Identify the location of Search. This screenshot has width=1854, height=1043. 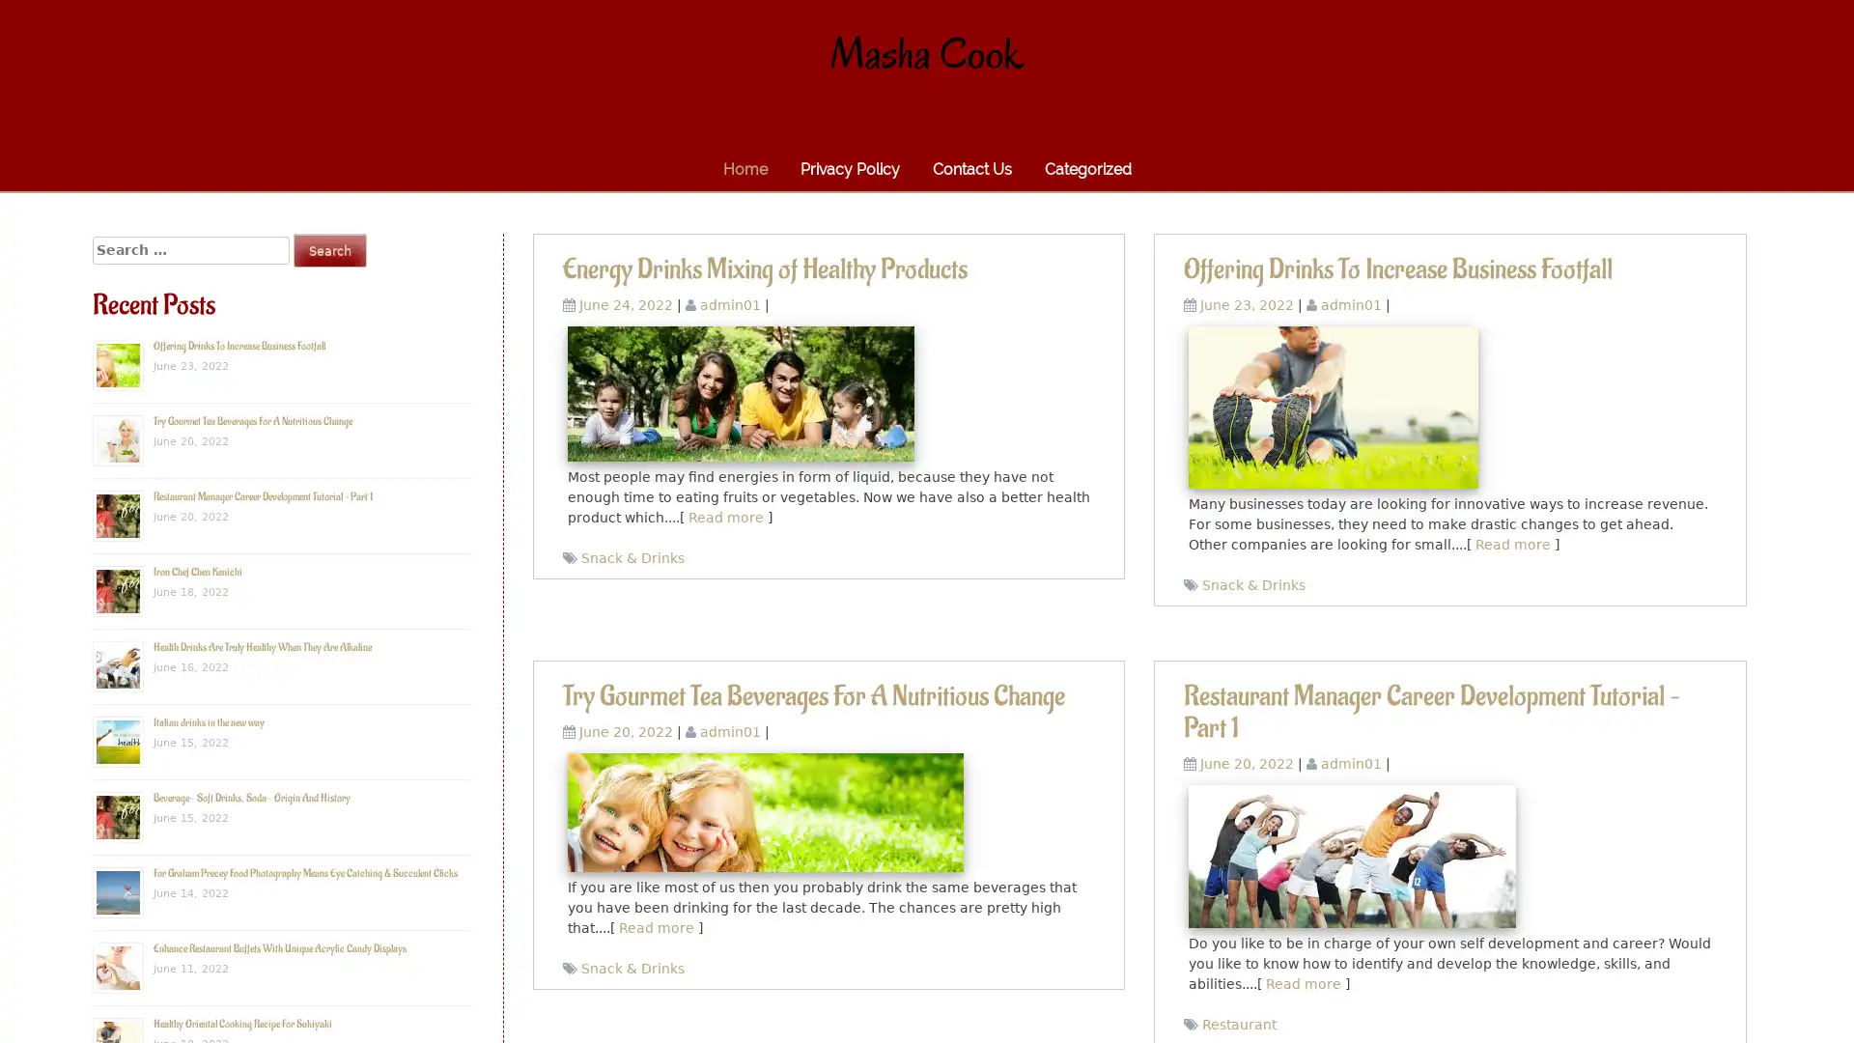
(329, 249).